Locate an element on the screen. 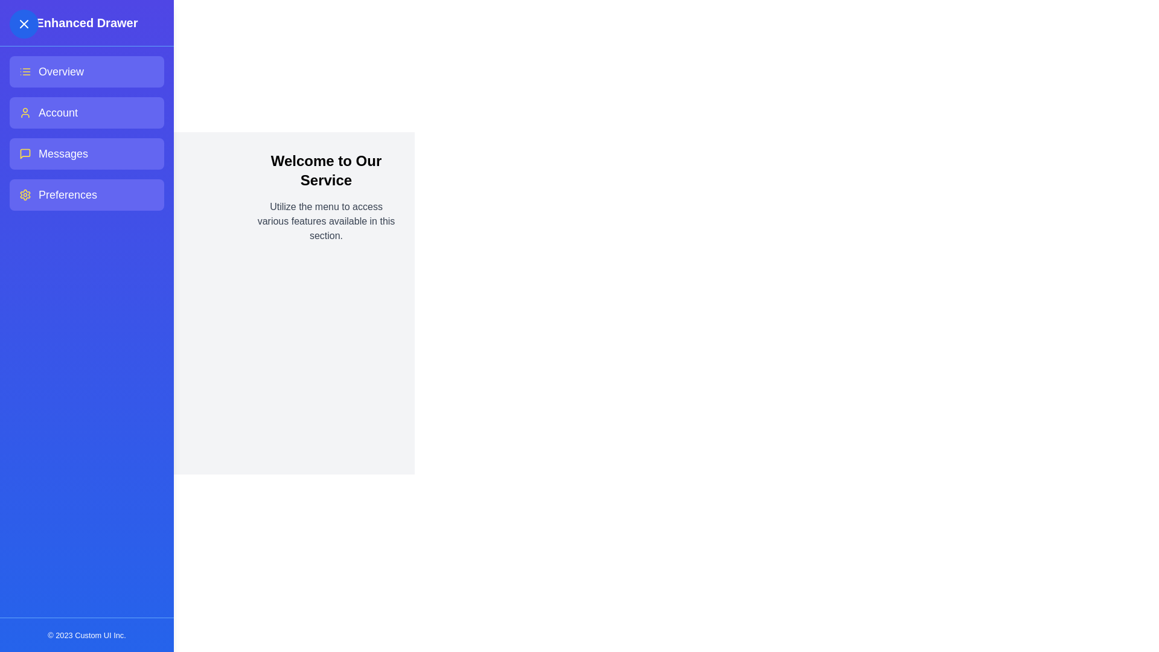 This screenshot has width=1159, height=652. the 'Overview' icon located in the left sidebar, which symbolizes a list or dashboard view, to observe its interaction is located at coordinates (25, 72).